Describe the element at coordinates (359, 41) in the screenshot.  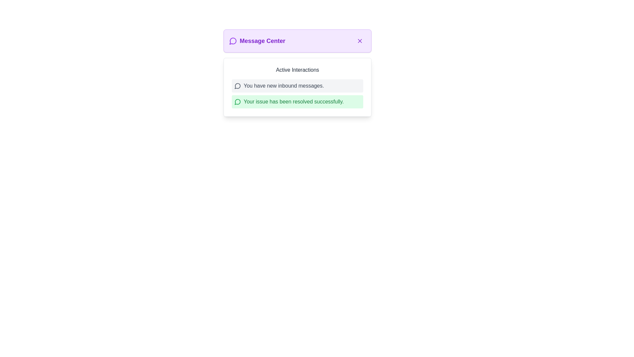
I see `the close button located at the top-right corner of the 'Message Center' dialog` at that location.